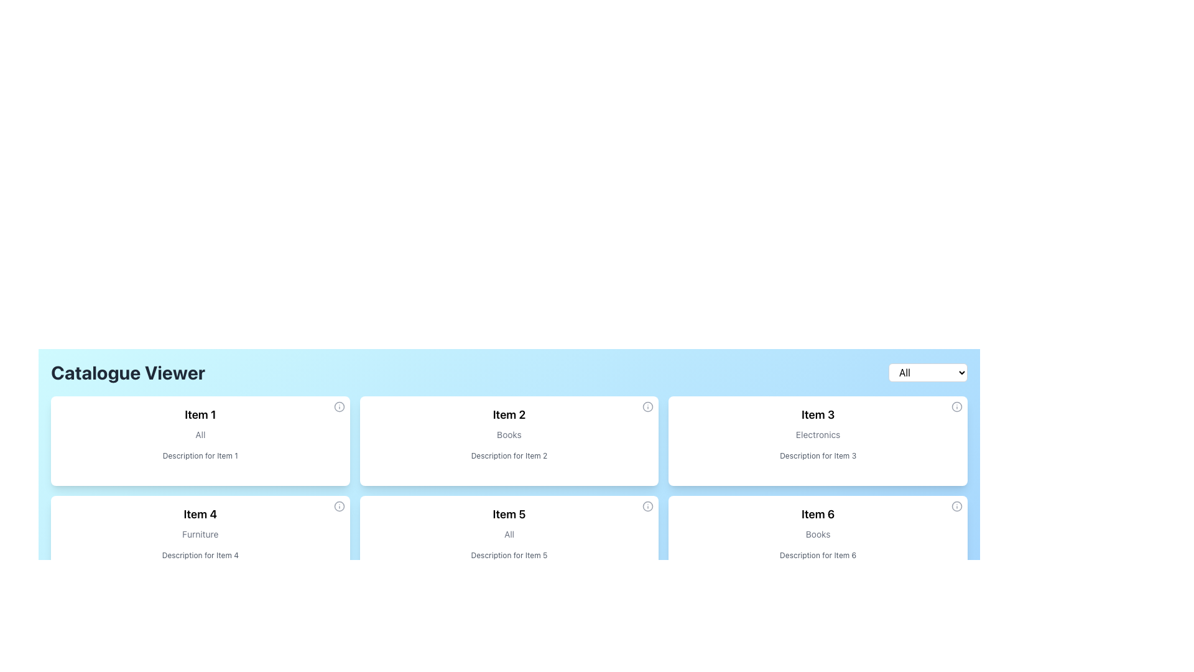 This screenshot has width=1194, height=672. I want to click on the static text label displaying 'Books', which is styled in a small, gray font and located below the title 'Item 6' in the card, so click(818, 534).